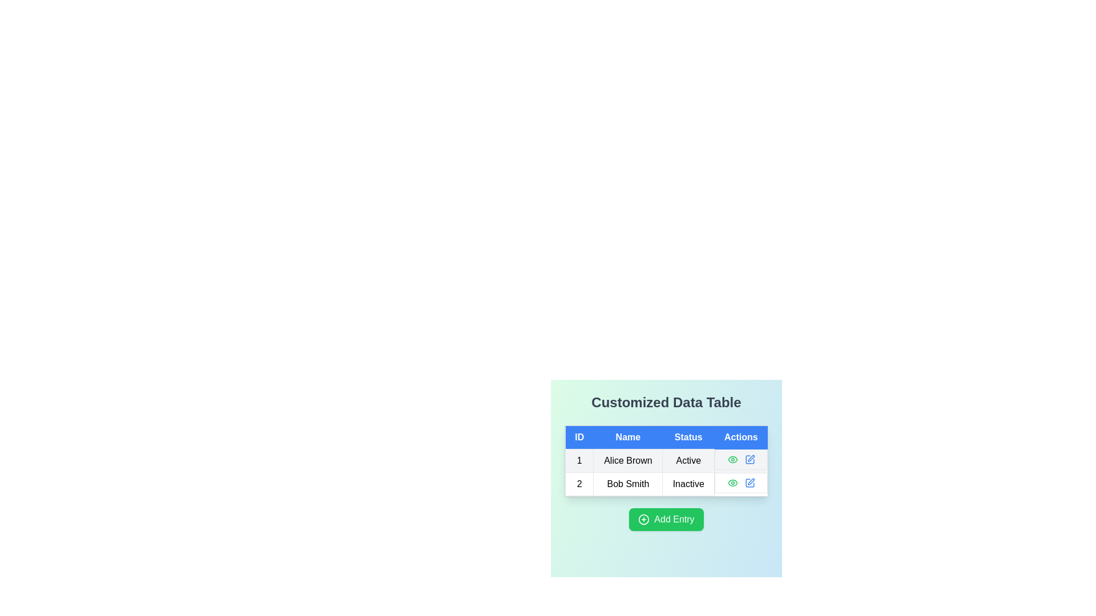 Image resolution: width=1096 pixels, height=616 pixels. Describe the element at coordinates (666, 471) in the screenshot. I see `the status indicator for 'Bob Smith' in the table under the 'Status' column, specifically in the second row` at that location.